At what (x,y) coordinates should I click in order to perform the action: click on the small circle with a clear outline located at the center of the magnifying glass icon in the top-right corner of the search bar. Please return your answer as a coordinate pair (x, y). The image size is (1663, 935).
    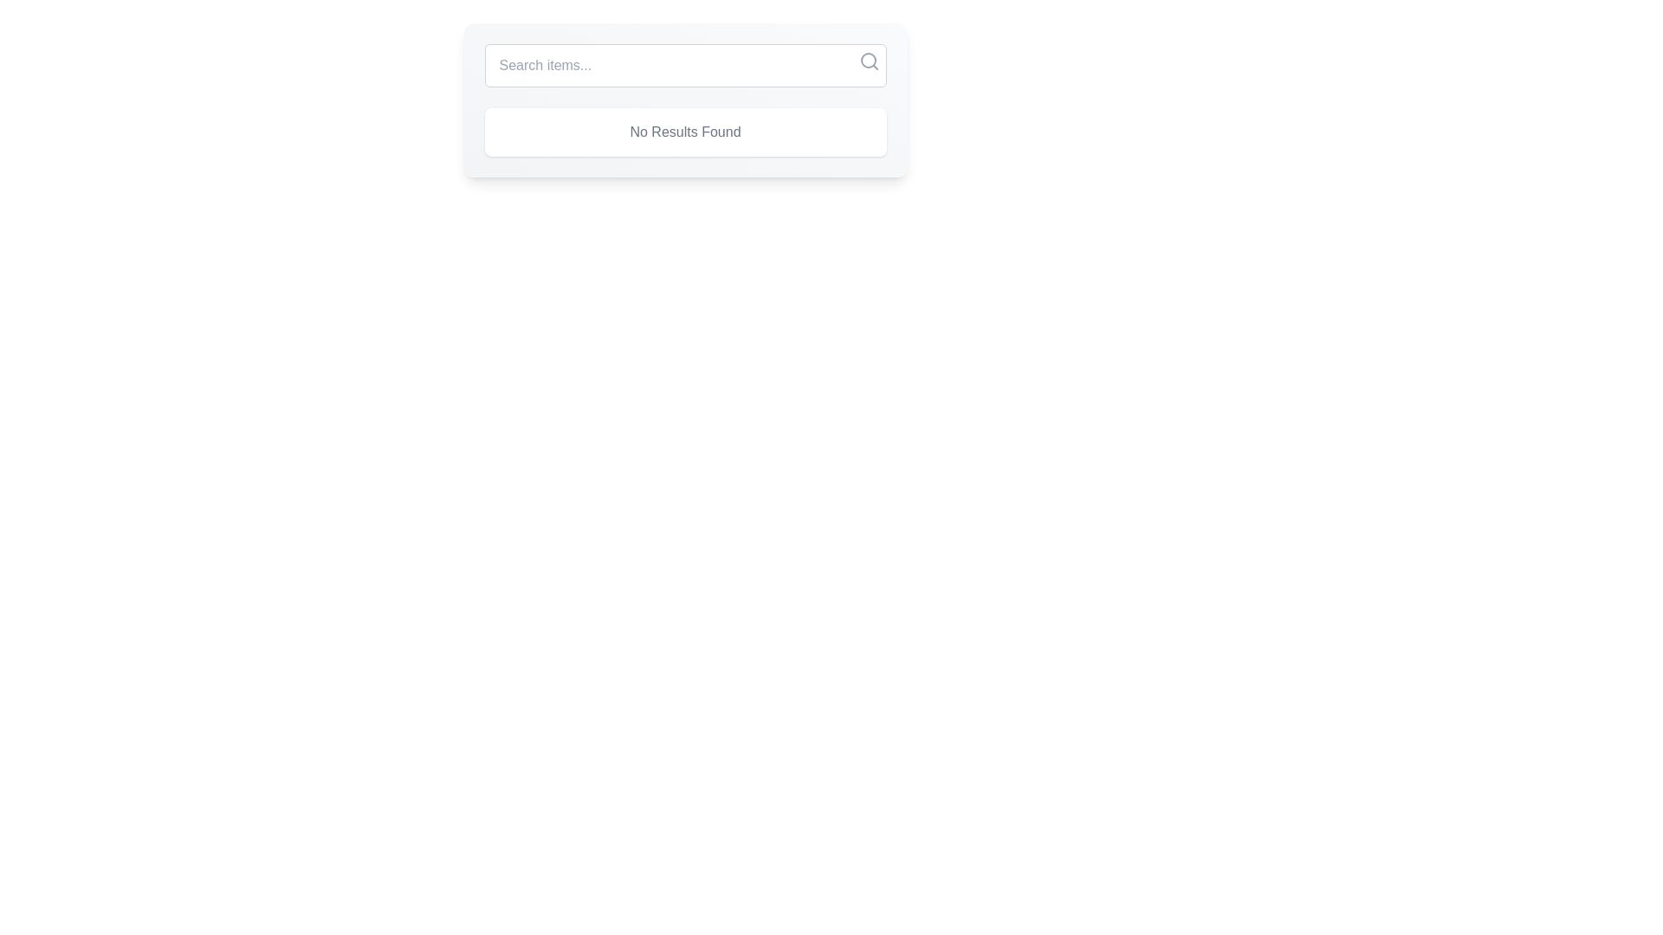
    Looking at the image, I should click on (868, 59).